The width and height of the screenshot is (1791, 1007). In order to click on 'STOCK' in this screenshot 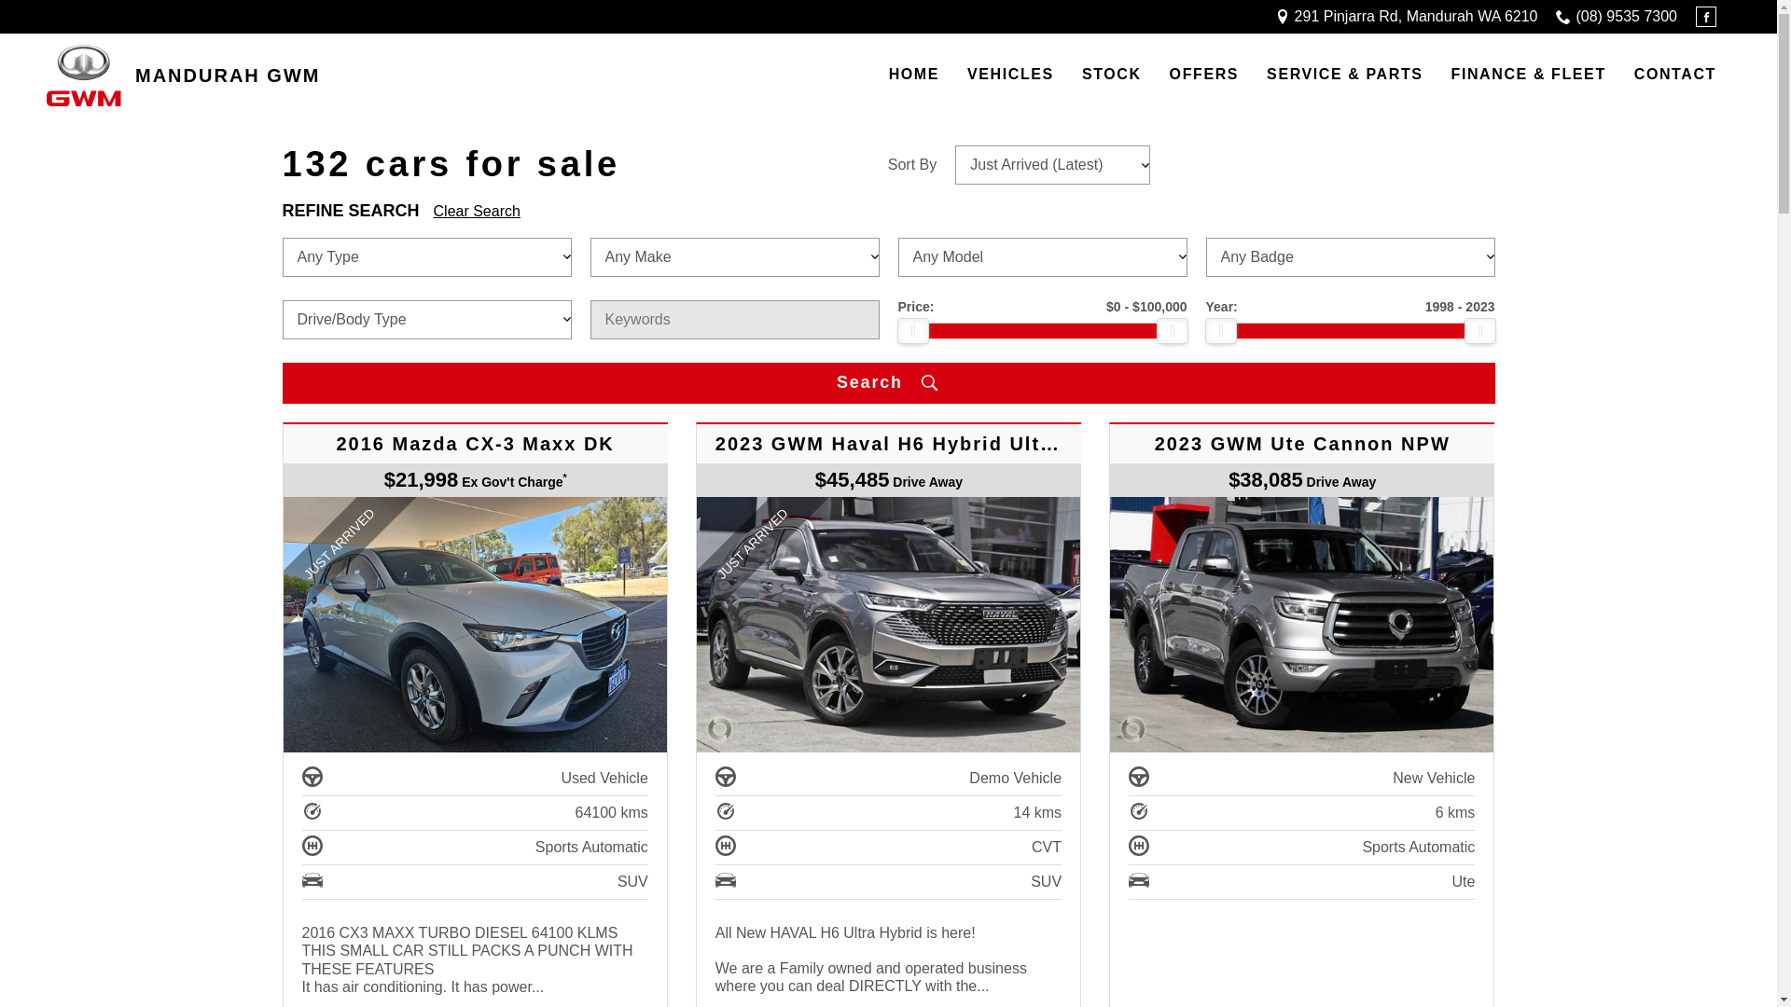, I will do `click(1111, 75)`.